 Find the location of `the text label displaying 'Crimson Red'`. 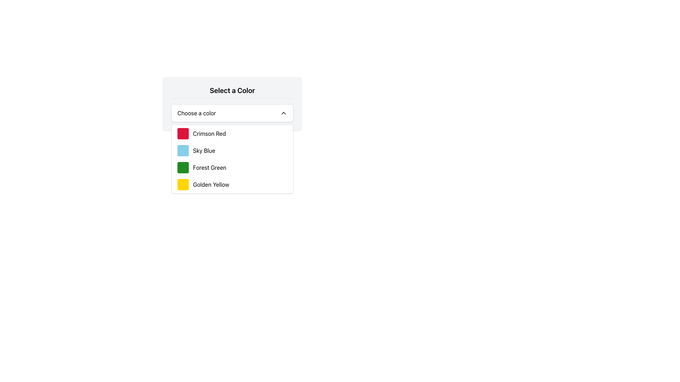

the text label displaying 'Crimson Red' is located at coordinates (209, 134).